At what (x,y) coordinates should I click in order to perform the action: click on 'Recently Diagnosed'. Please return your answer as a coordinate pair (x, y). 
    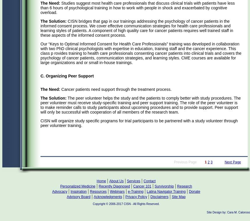
    Looking at the image, I should click on (114, 186).